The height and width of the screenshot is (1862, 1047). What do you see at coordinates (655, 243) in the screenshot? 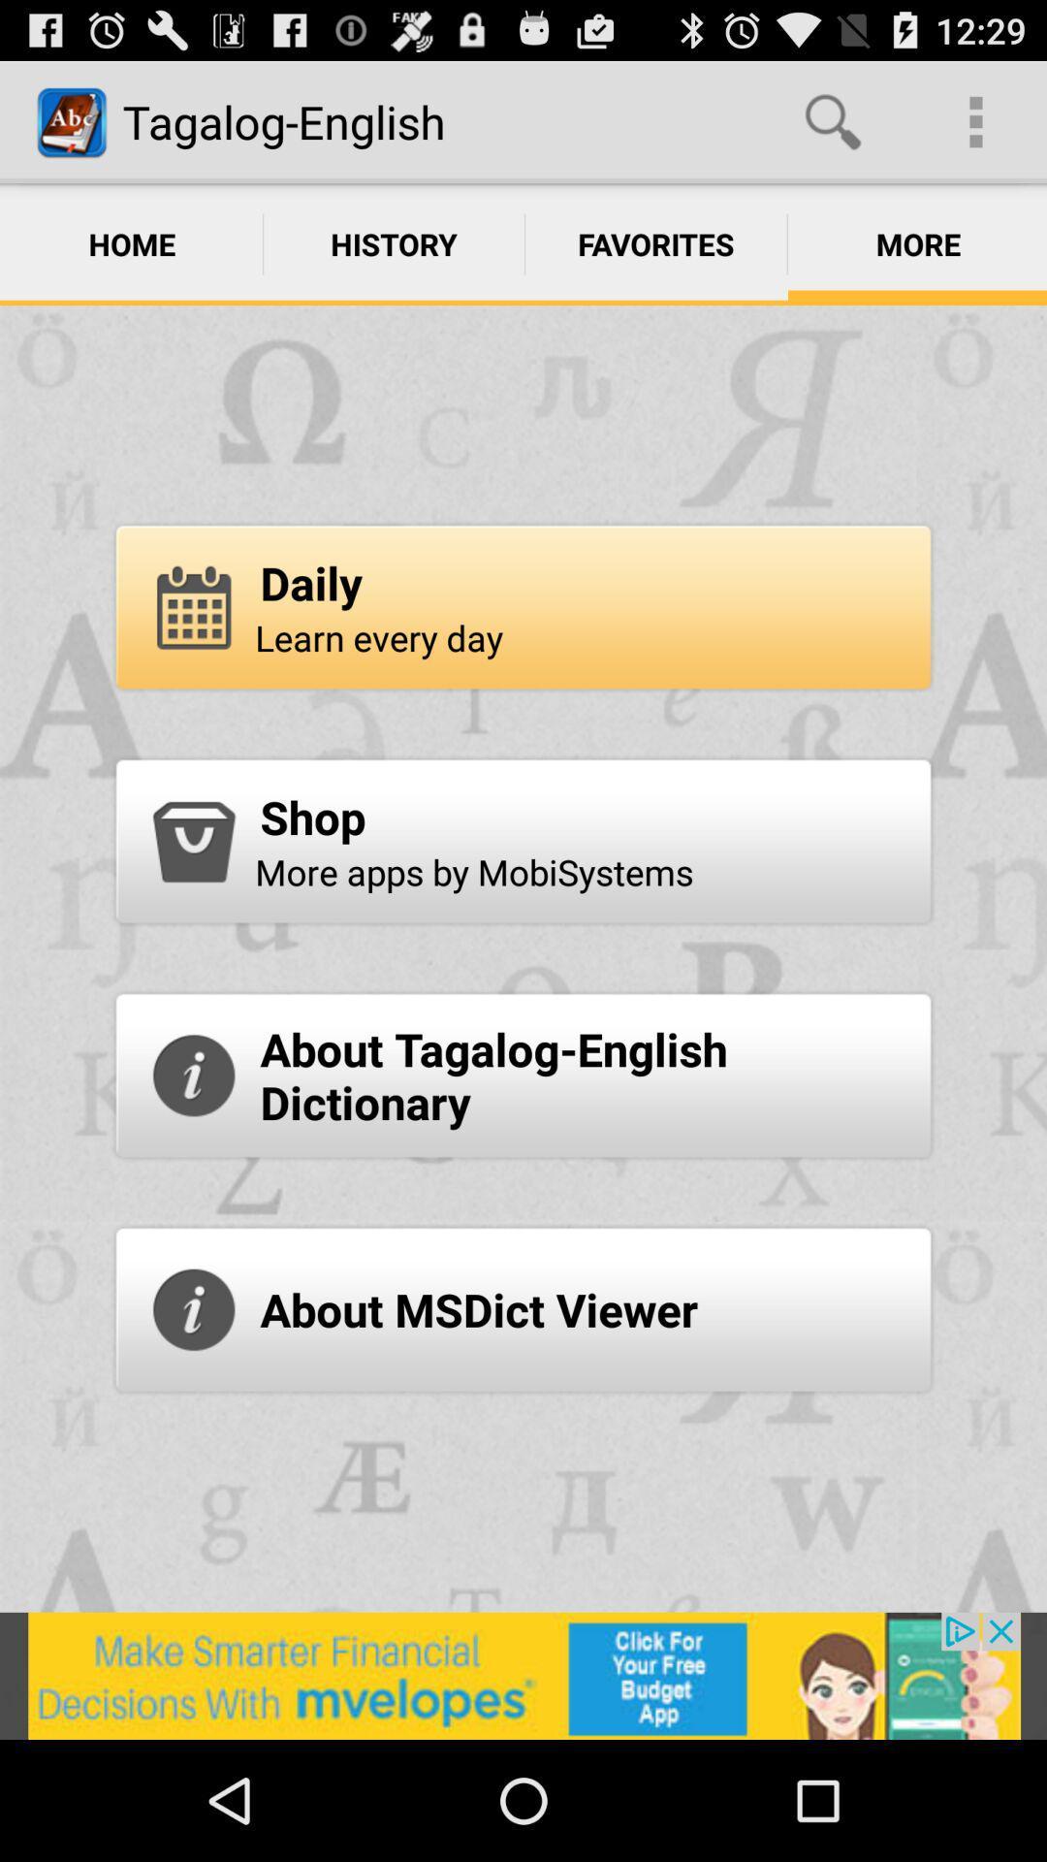
I see `the option favorites` at bounding box center [655, 243].